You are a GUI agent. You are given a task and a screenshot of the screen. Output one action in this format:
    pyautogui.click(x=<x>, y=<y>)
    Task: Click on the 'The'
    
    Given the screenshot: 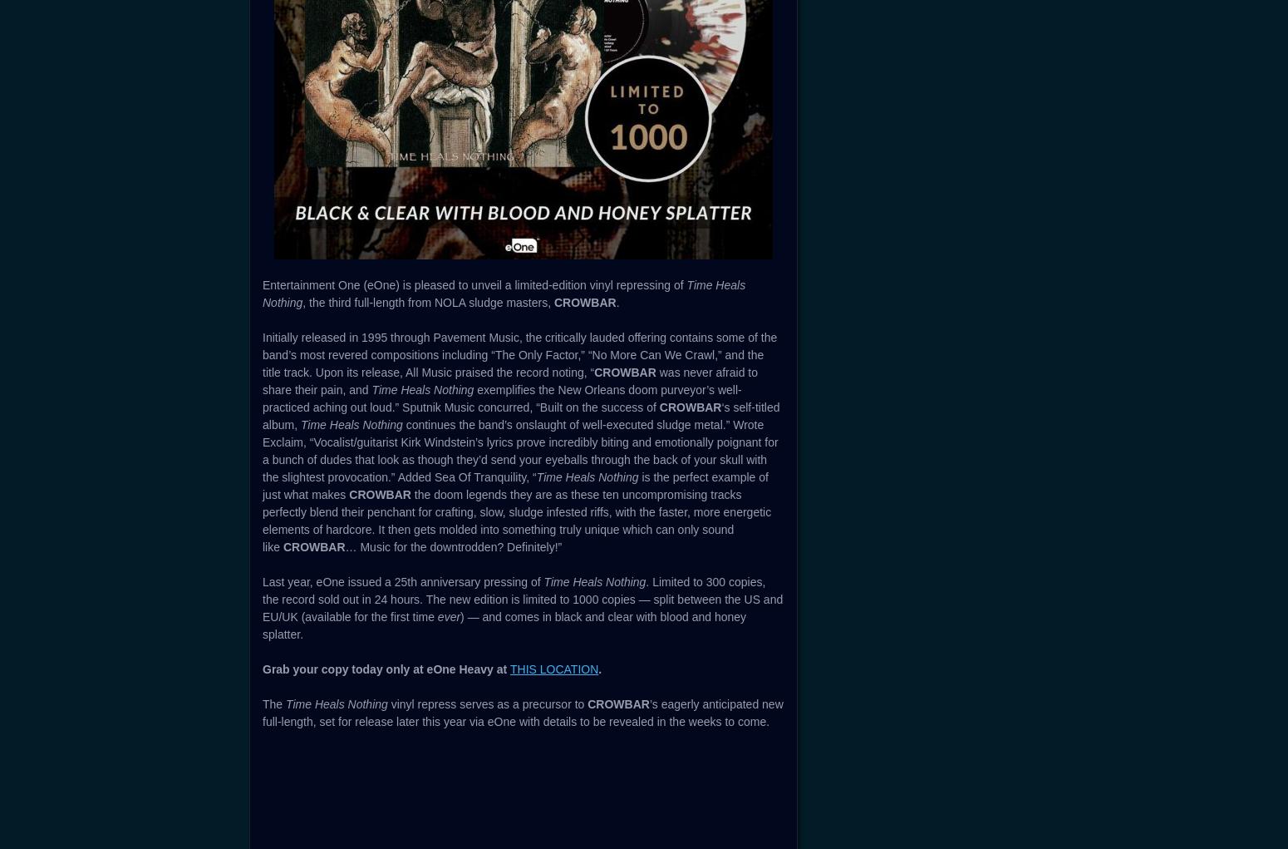 What is the action you would take?
    pyautogui.click(x=271, y=704)
    